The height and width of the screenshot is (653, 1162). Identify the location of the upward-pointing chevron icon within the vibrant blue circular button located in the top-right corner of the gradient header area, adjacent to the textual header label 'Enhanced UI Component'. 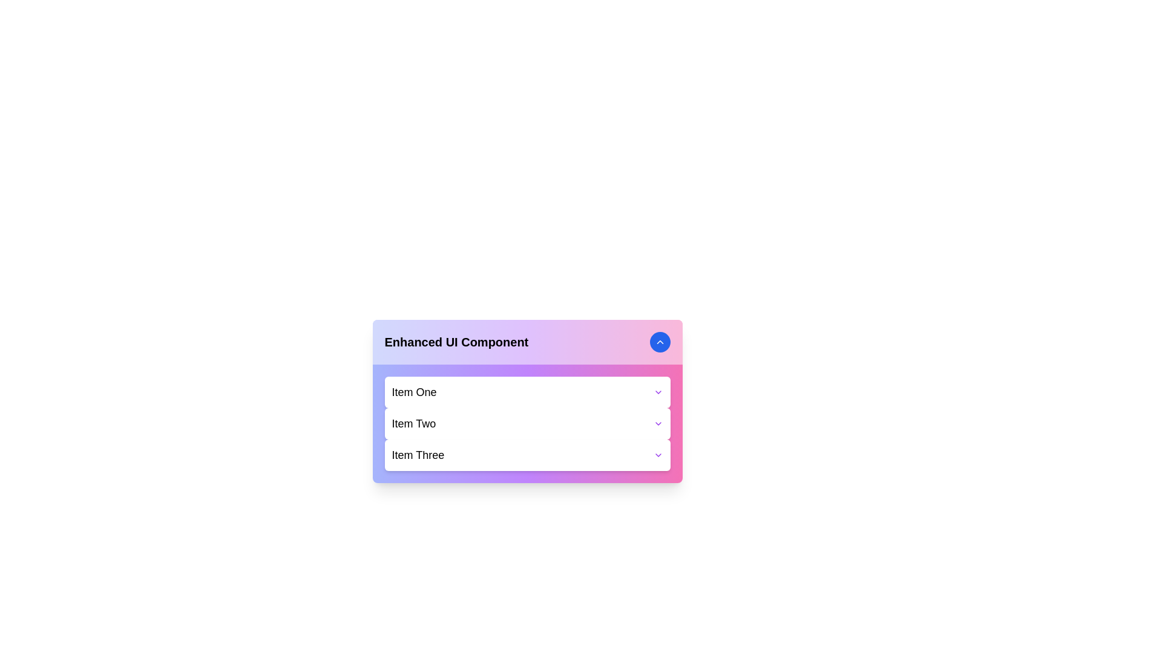
(659, 342).